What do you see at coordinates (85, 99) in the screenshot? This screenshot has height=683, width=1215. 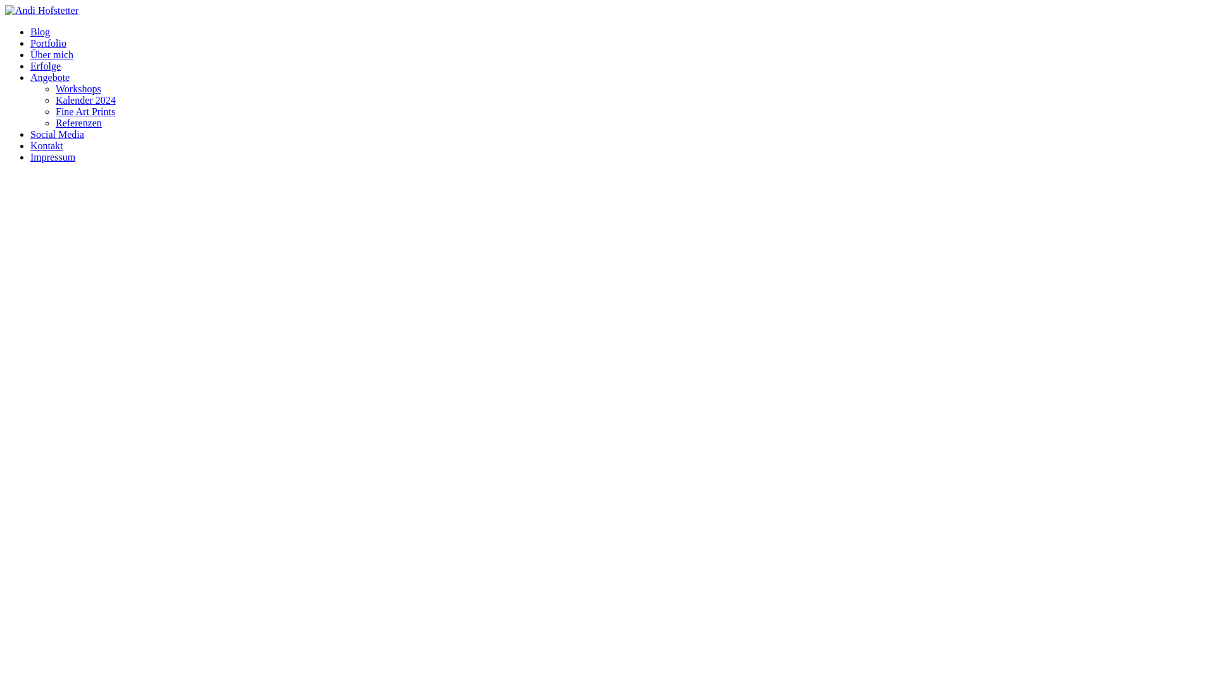 I see `'Kalender 2024'` at bounding box center [85, 99].